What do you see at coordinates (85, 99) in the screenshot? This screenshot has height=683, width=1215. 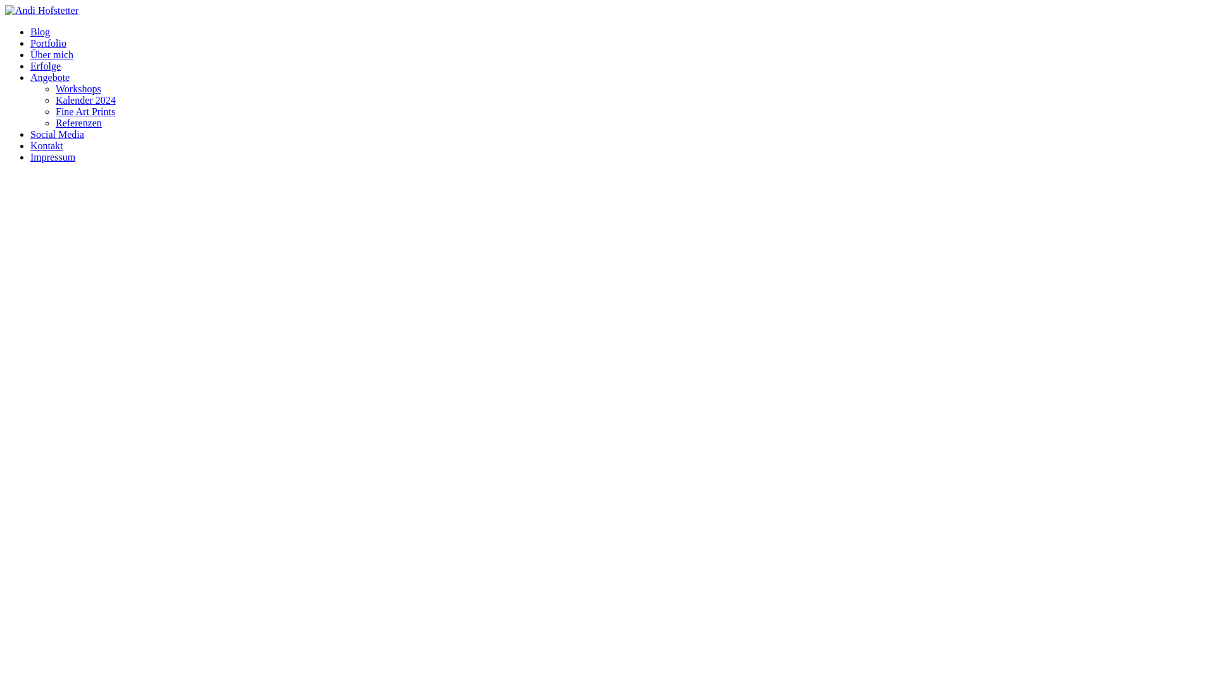 I see `'Kalender 2024'` at bounding box center [85, 99].